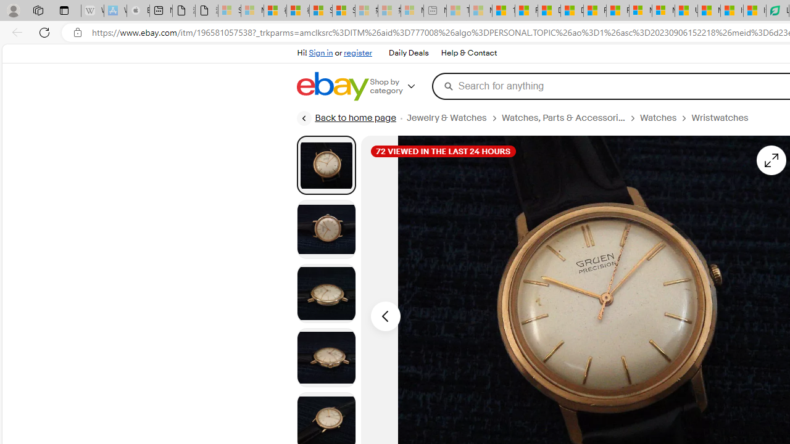 This screenshot has width=790, height=444. What do you see at coordinates (686, 10) in the screenshot?
I see `'US Heat Deaths Soared To Record High Last Year'` at bounding box center [686, 10].